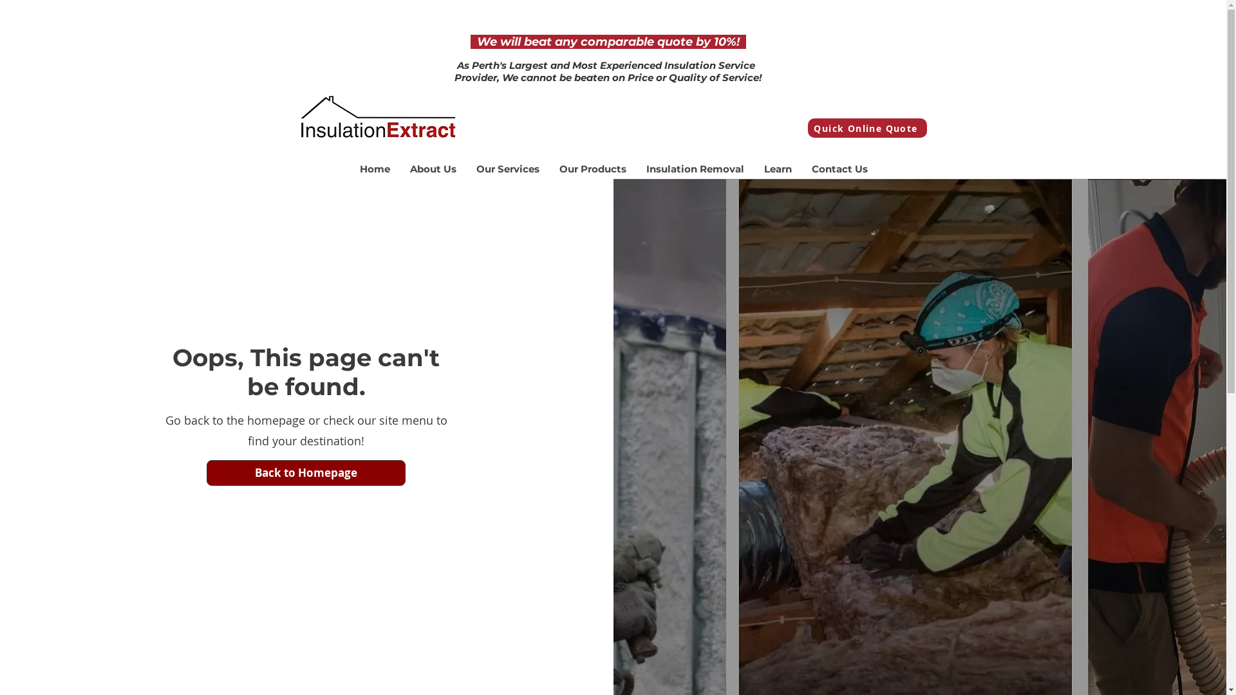 The height and width of the screenshot is (695, 1236). Describe the element at coordinates (776, 168) in the screenshot. I see `'Learn'` at that location.